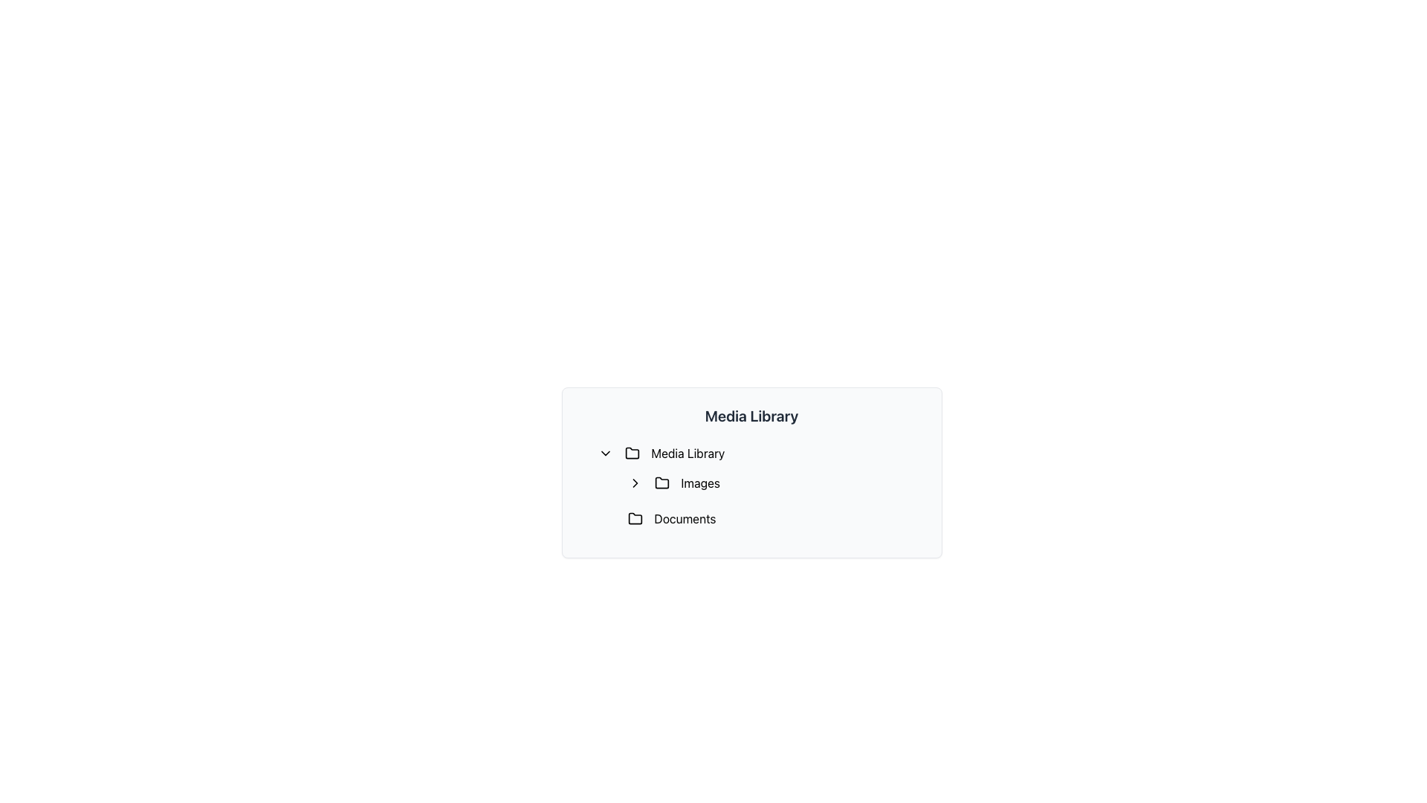  Describe the element at coordinates (605, 452) in the screenshot. I see `the Dropdown Indicator located in the top-left corner of the 'Media Library' row` at that location.